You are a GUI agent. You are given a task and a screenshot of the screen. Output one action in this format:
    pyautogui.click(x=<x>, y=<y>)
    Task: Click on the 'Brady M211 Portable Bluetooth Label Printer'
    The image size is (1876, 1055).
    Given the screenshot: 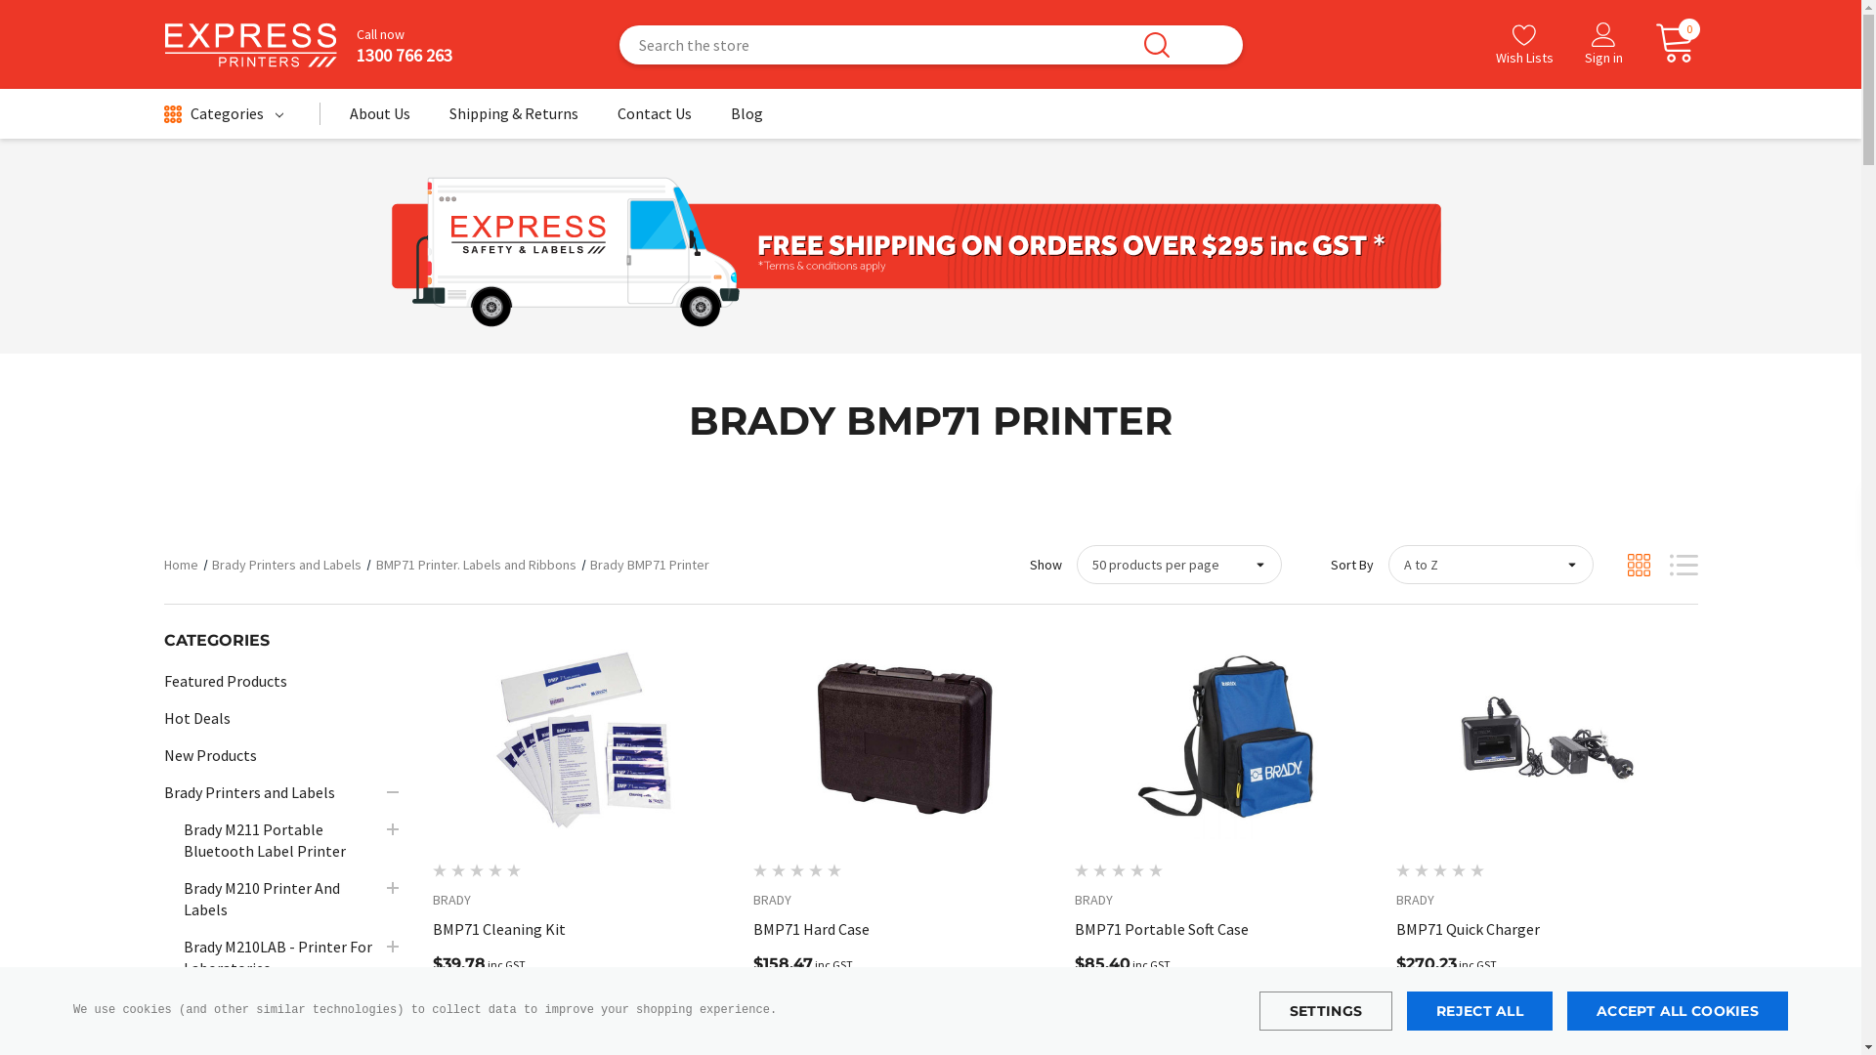 What is the action you would take?
    pyautogui.click(x=280, y=839)
    